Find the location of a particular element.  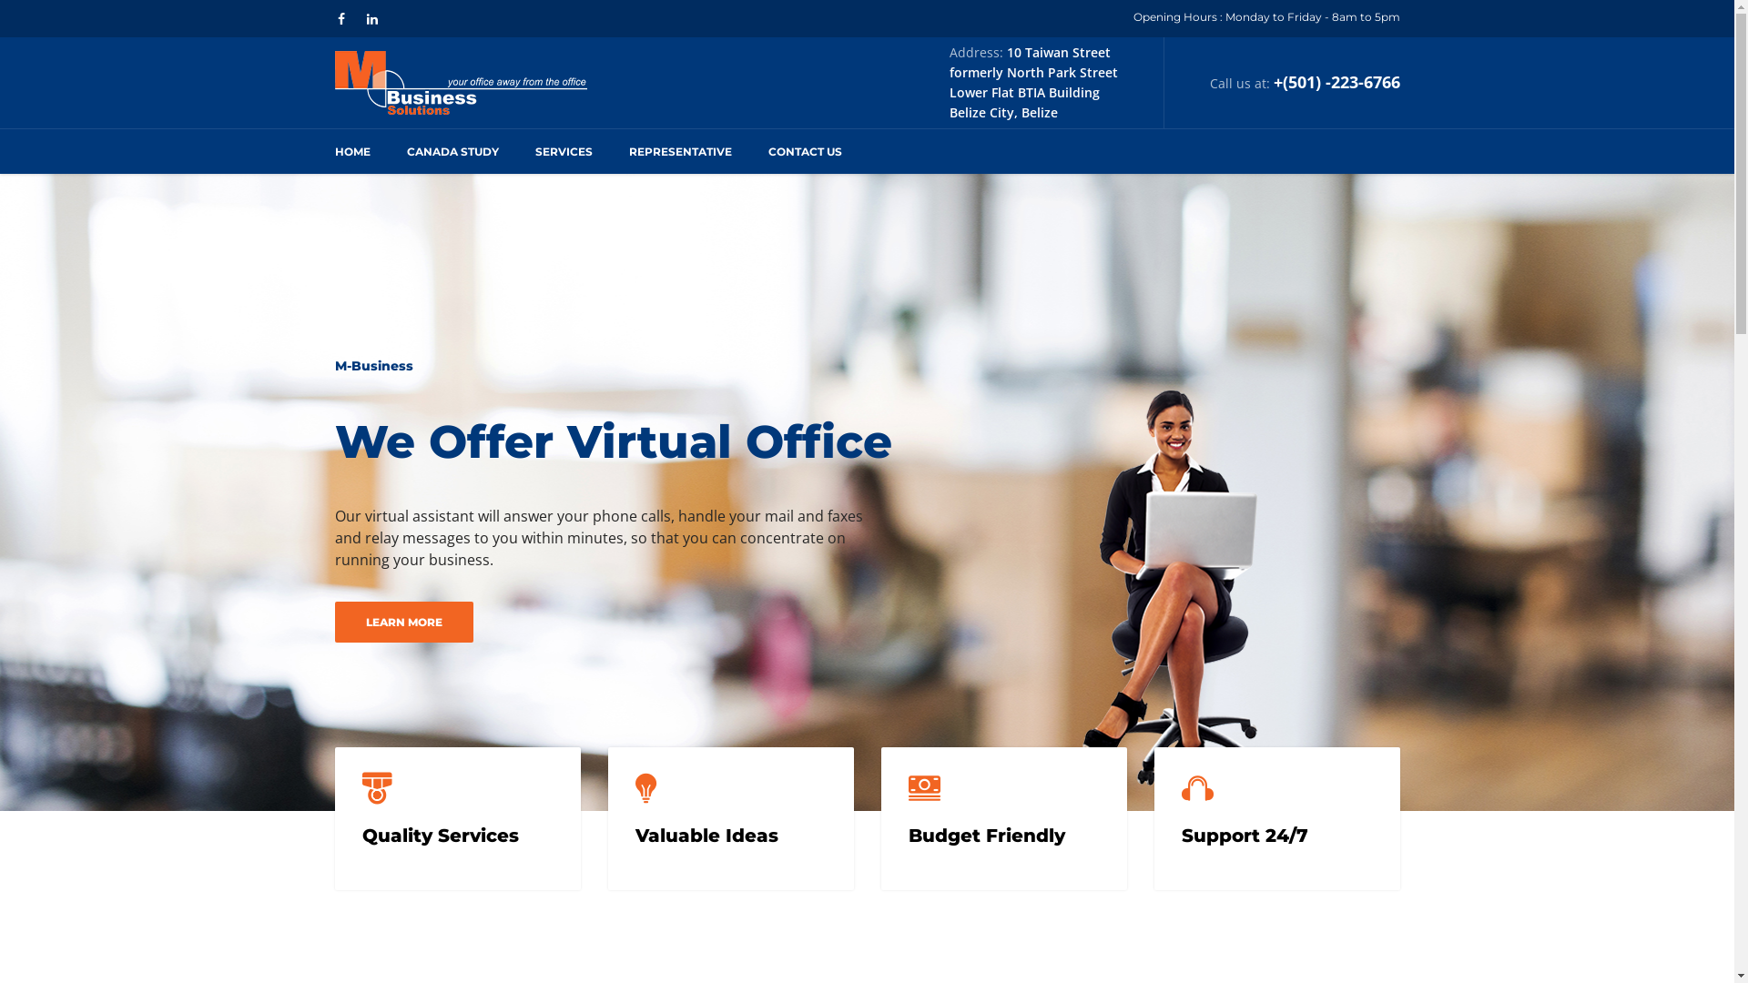

'LEARN MORE' is located at coordinates (403, 621).